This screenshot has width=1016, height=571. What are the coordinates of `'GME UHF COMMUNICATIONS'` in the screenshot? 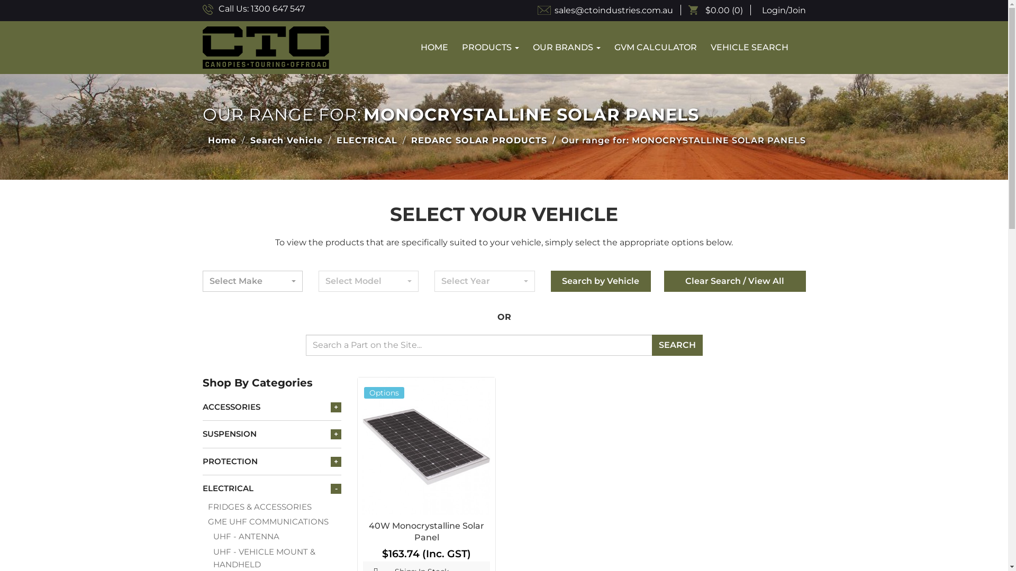 It's located at (274, 521).